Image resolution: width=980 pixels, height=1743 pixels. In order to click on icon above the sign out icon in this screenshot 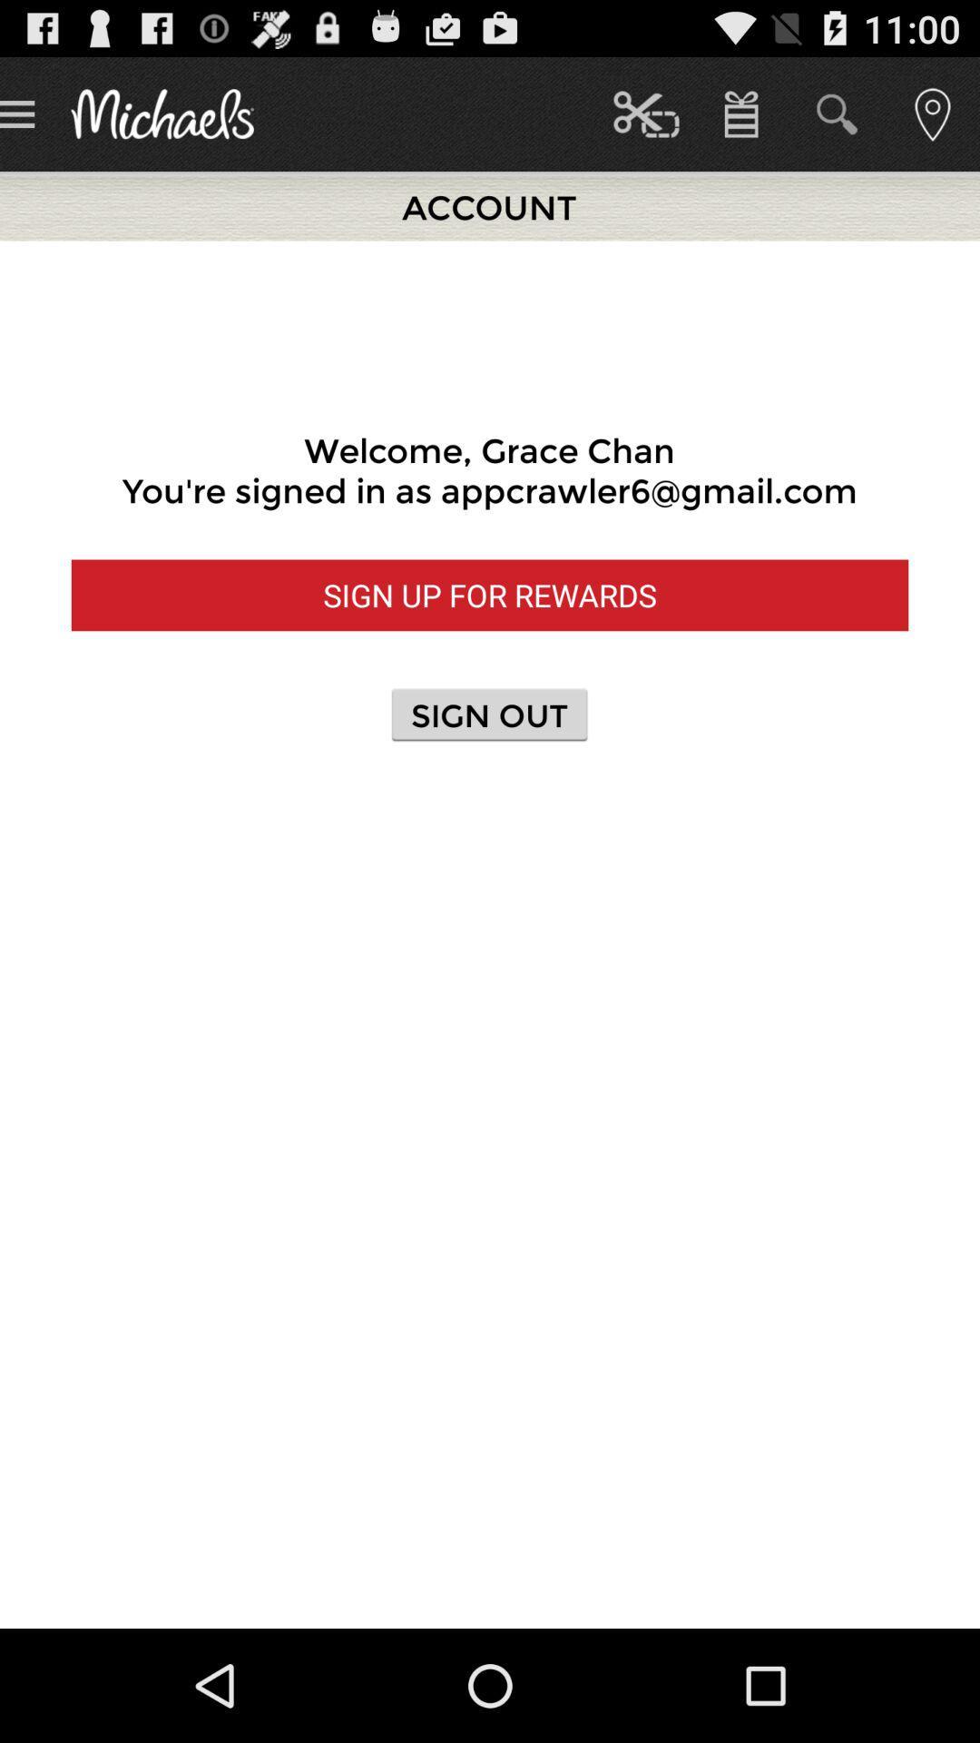, I will do `click(490, 595)`.